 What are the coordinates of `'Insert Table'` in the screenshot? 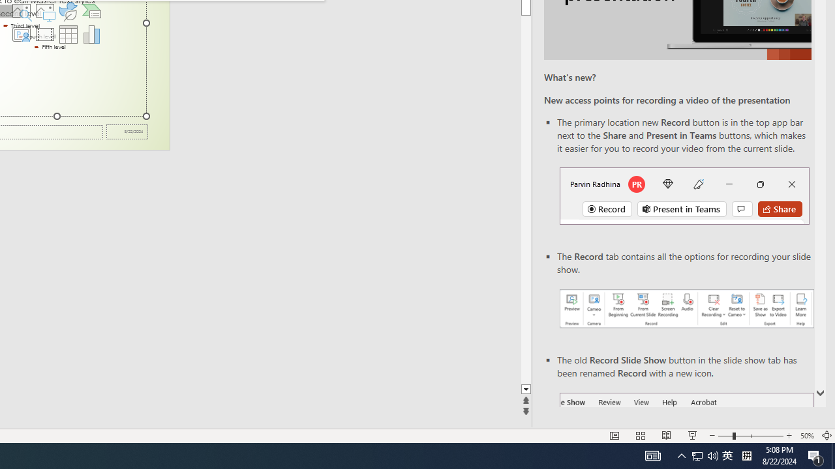 It's located at (68, 33).